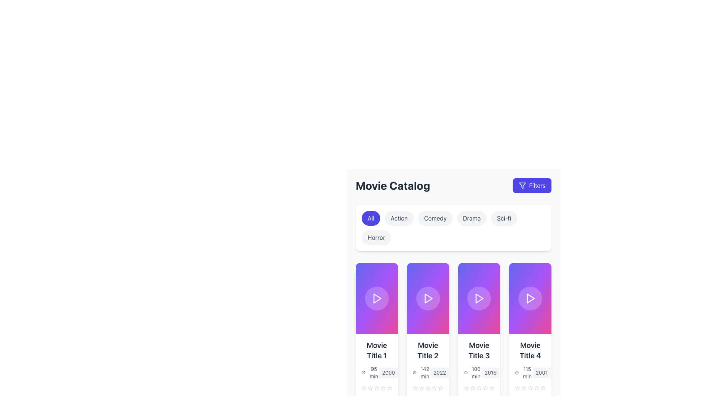 This screenshot has width=713, height=401. I want to click on the icon representing the duration of 'Movie Title 4', which is located to the left of the duration text '115 min', so click(517, 372).